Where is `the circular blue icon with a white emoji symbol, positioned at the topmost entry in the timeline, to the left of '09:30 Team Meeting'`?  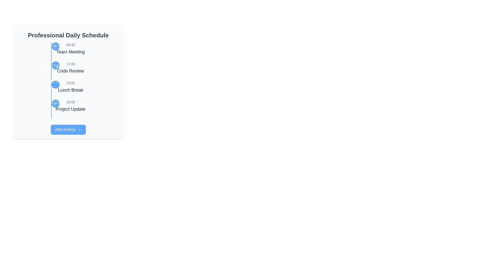
the circular blue icon with a white emoji symbol, positioned at the topmost entry in the timeline, to the left of '09:30 Team Meeting' is located at coordinates (55, 46).